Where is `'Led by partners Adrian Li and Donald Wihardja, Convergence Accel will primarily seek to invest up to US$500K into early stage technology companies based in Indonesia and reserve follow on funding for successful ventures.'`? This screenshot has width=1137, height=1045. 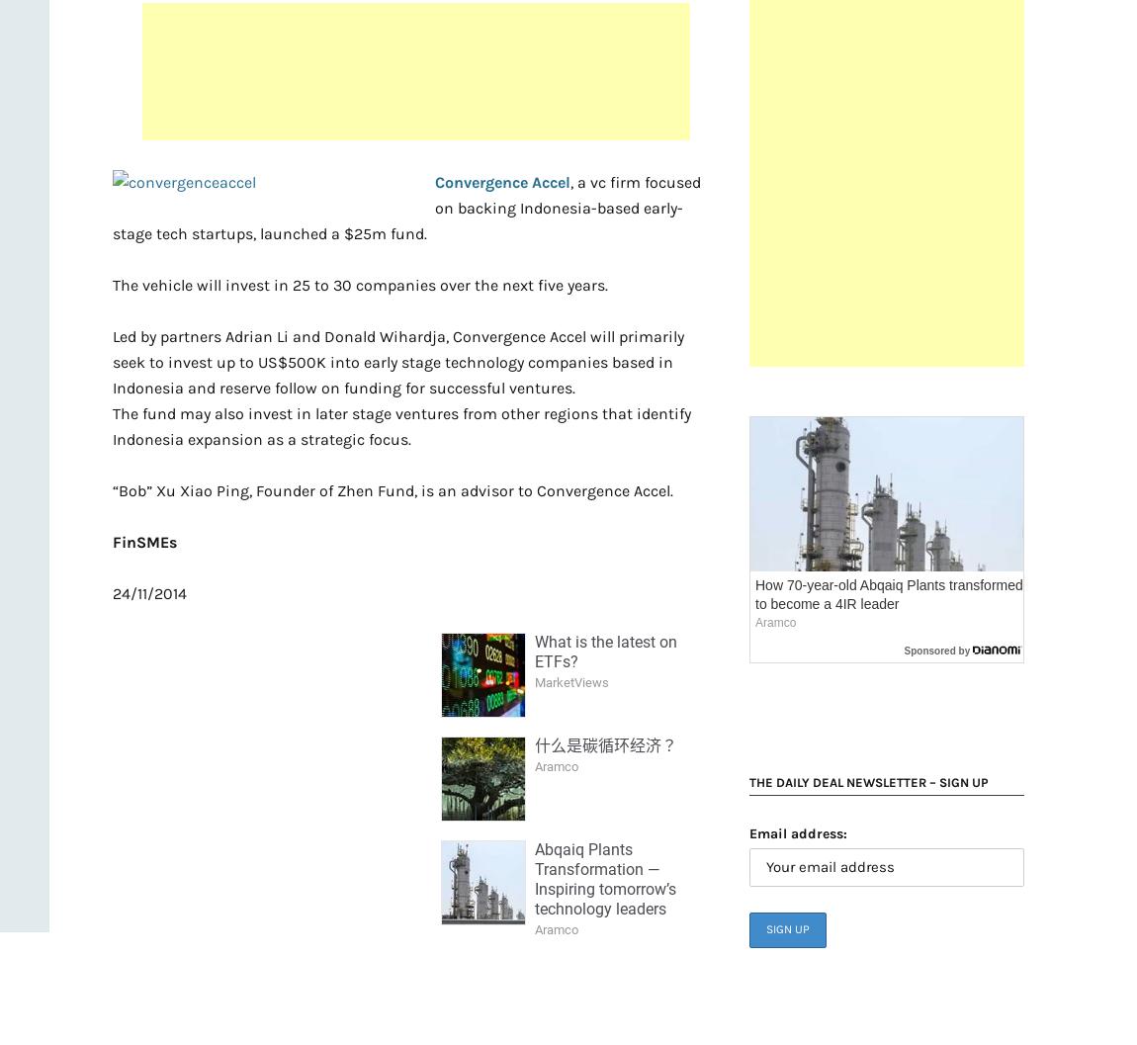
'Led by partners Adrian Li and Donald Wihardja, Convergence Accel will primarily seek to invest up to US$500K into early stage technology companies based in Indonesia and reserve follow on funding for successful ventures.' is located at coordinates (111, 362).